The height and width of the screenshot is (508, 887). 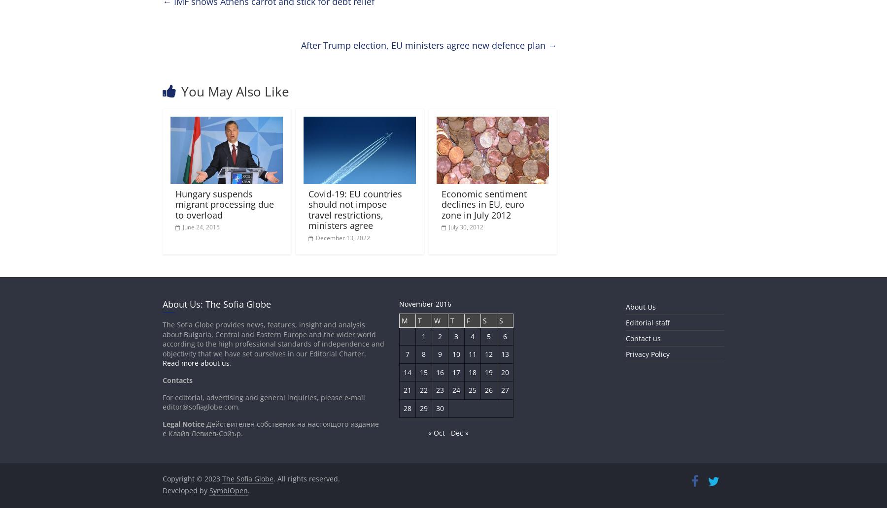 What do you see at coordinates (162, 397) in the screenshot?
I see `'For editorial, advertising and general inquiries, please e-mail'` at bounding box center [162, 397].